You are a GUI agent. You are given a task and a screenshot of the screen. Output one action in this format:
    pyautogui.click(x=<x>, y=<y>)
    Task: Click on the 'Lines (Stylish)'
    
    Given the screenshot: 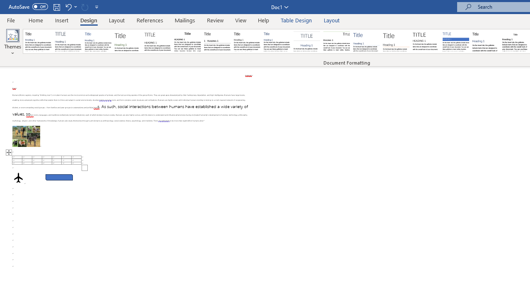 What is the action you would take?
    pyautogui.click(x=396, y=41)
    